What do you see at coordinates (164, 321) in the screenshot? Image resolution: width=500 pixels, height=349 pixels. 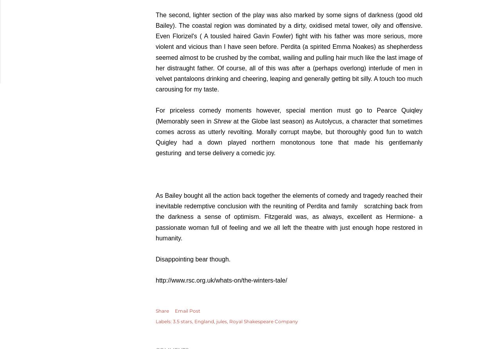 I see `'Labels:'` at bounding box center [164, 321].